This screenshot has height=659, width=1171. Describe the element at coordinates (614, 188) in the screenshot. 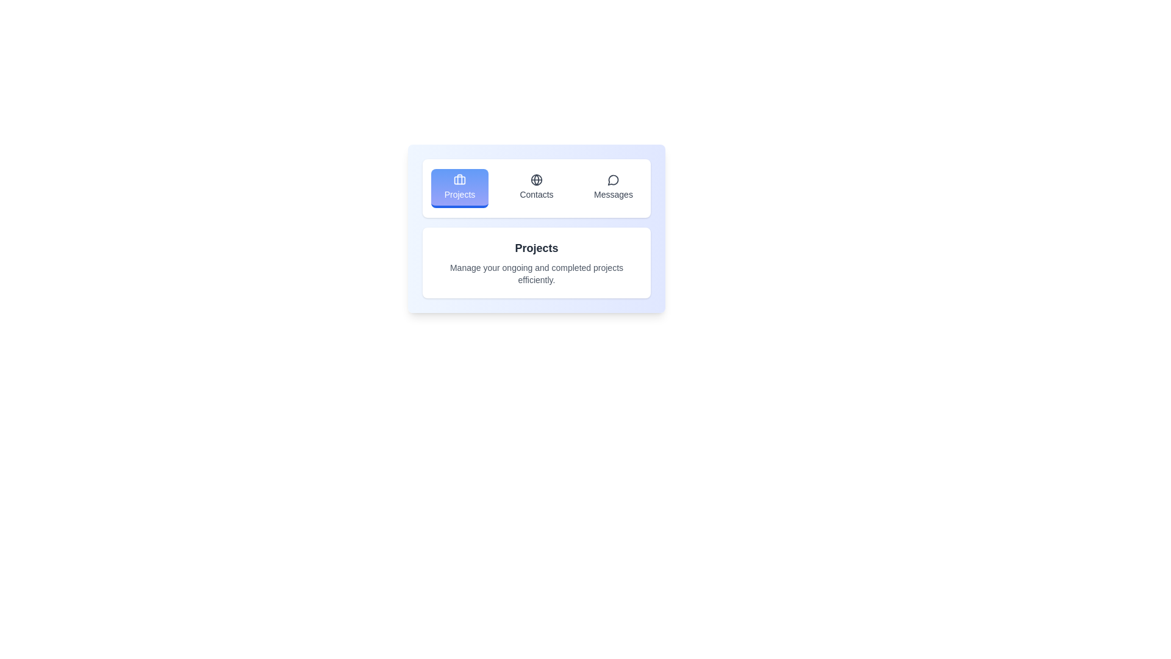

I see `the tab Messages` at that location.